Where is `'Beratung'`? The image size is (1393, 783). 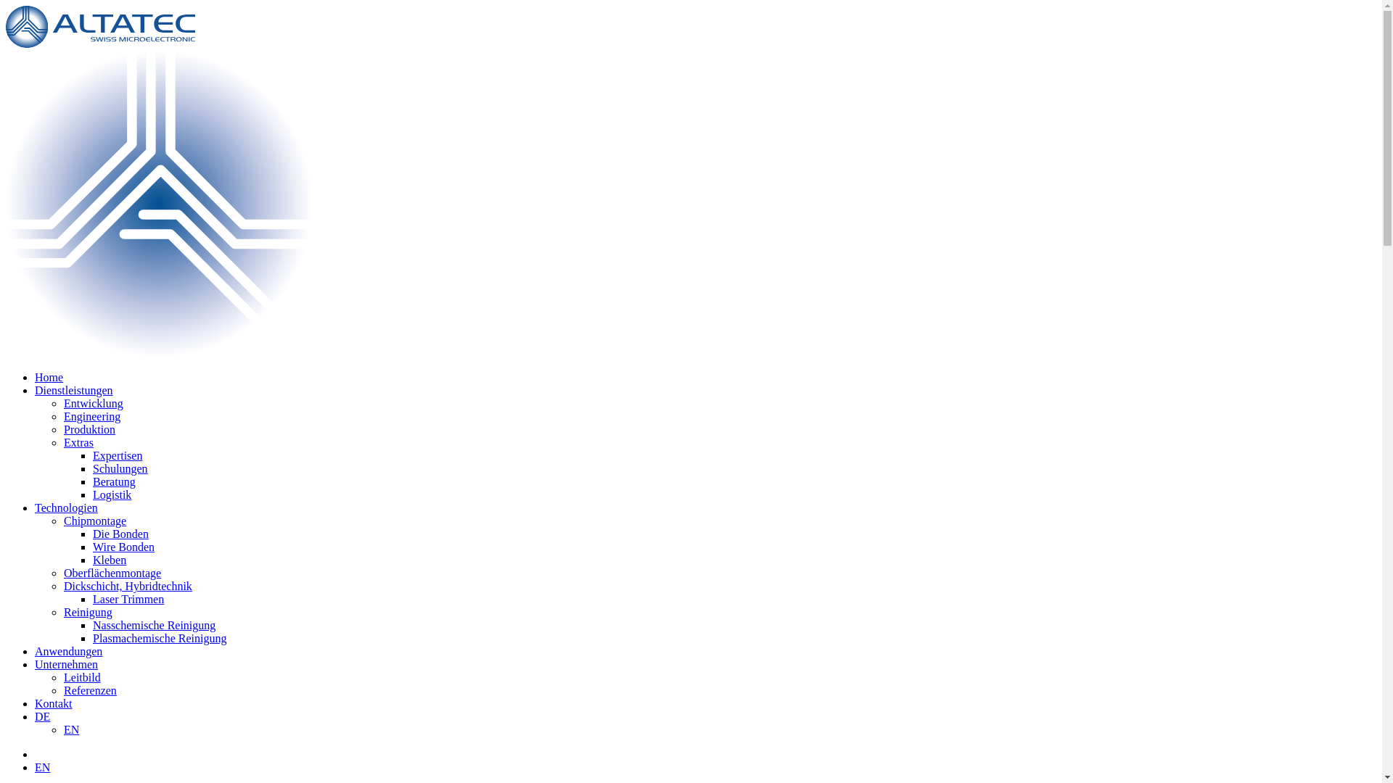
'Beratung' is located at coordinates (92, 481).